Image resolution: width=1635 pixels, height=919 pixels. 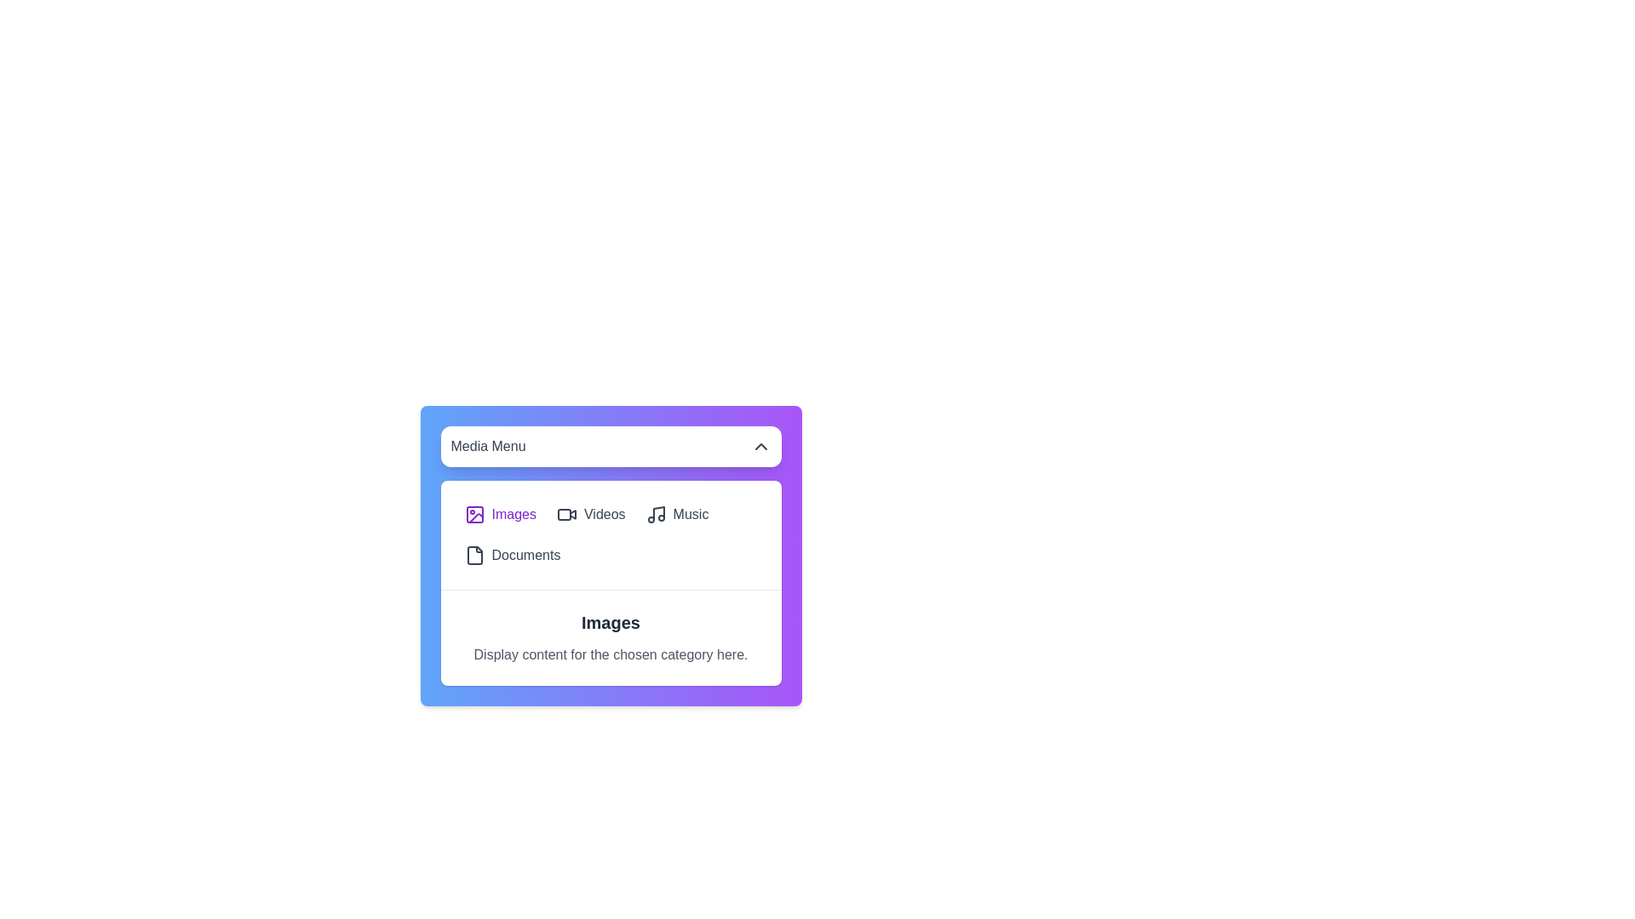 What do you see at coordinates (611, 623) in the screenshot?
I see `the text label 'Images' which indicates the current category or section, positioned above the secondary text in the interface` at bounding box center [611, 623].